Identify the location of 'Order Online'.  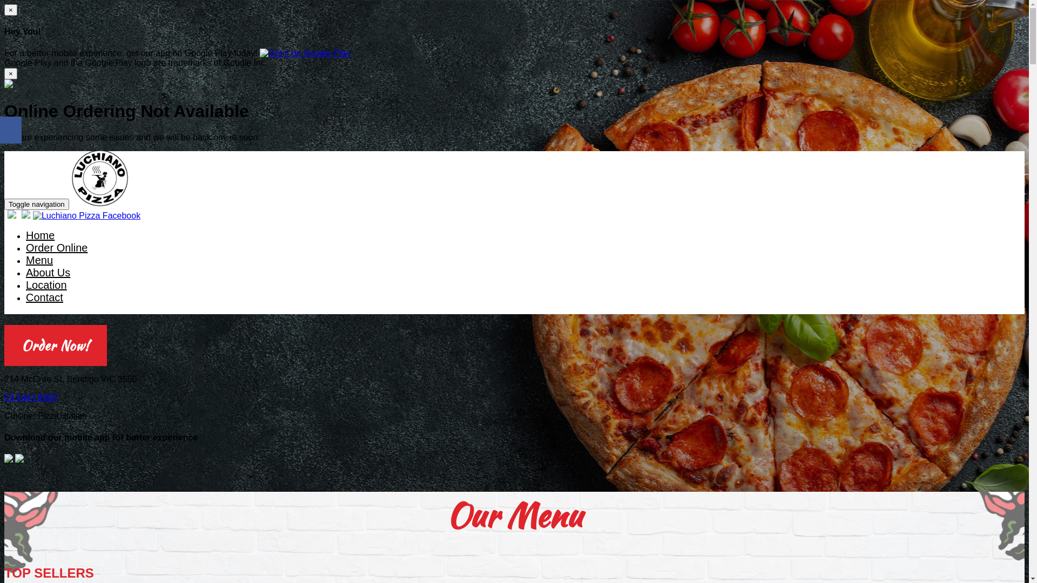
(56, 248).